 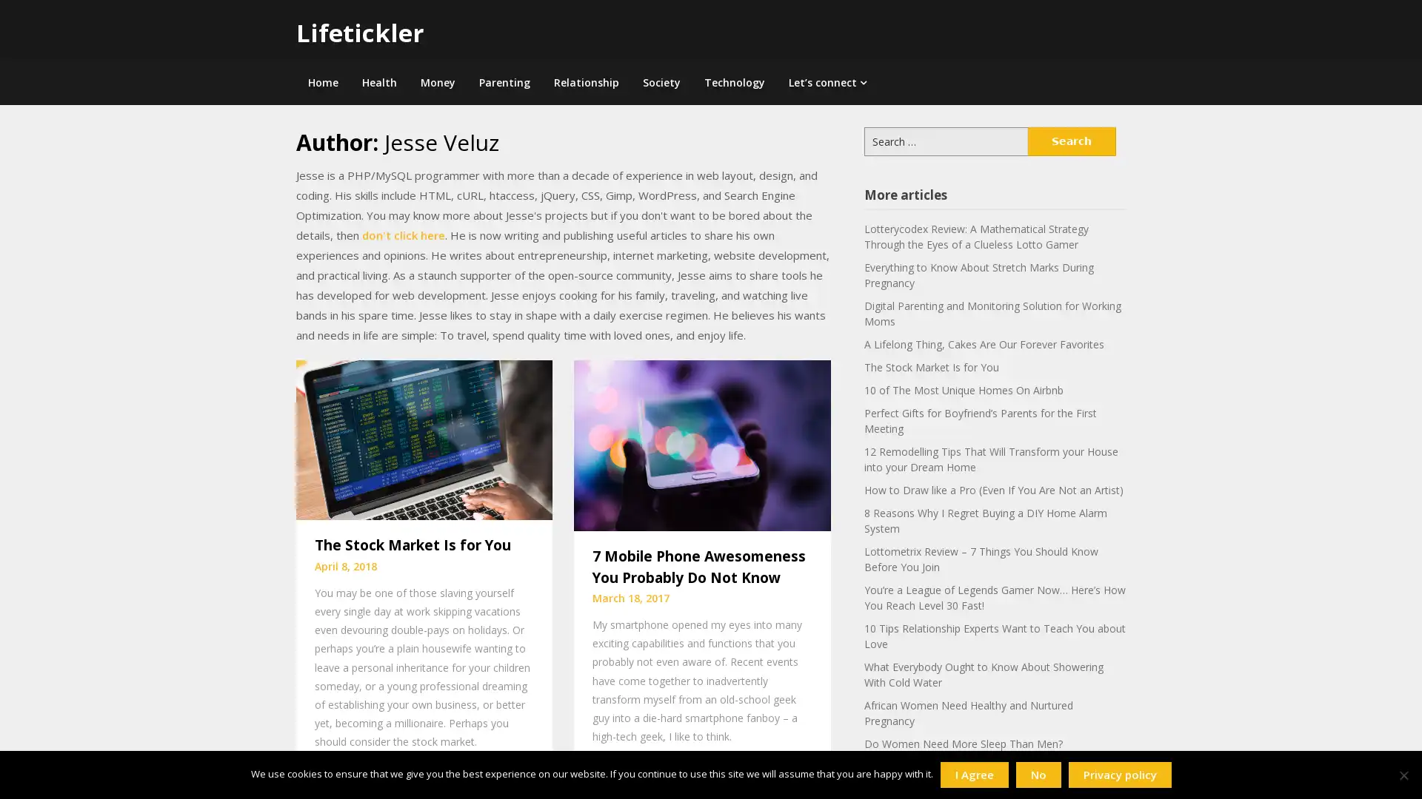 What do you see at coordinates (1071, 141) in the screenshot?
I see `Search` at bounding box center [1071, 141].